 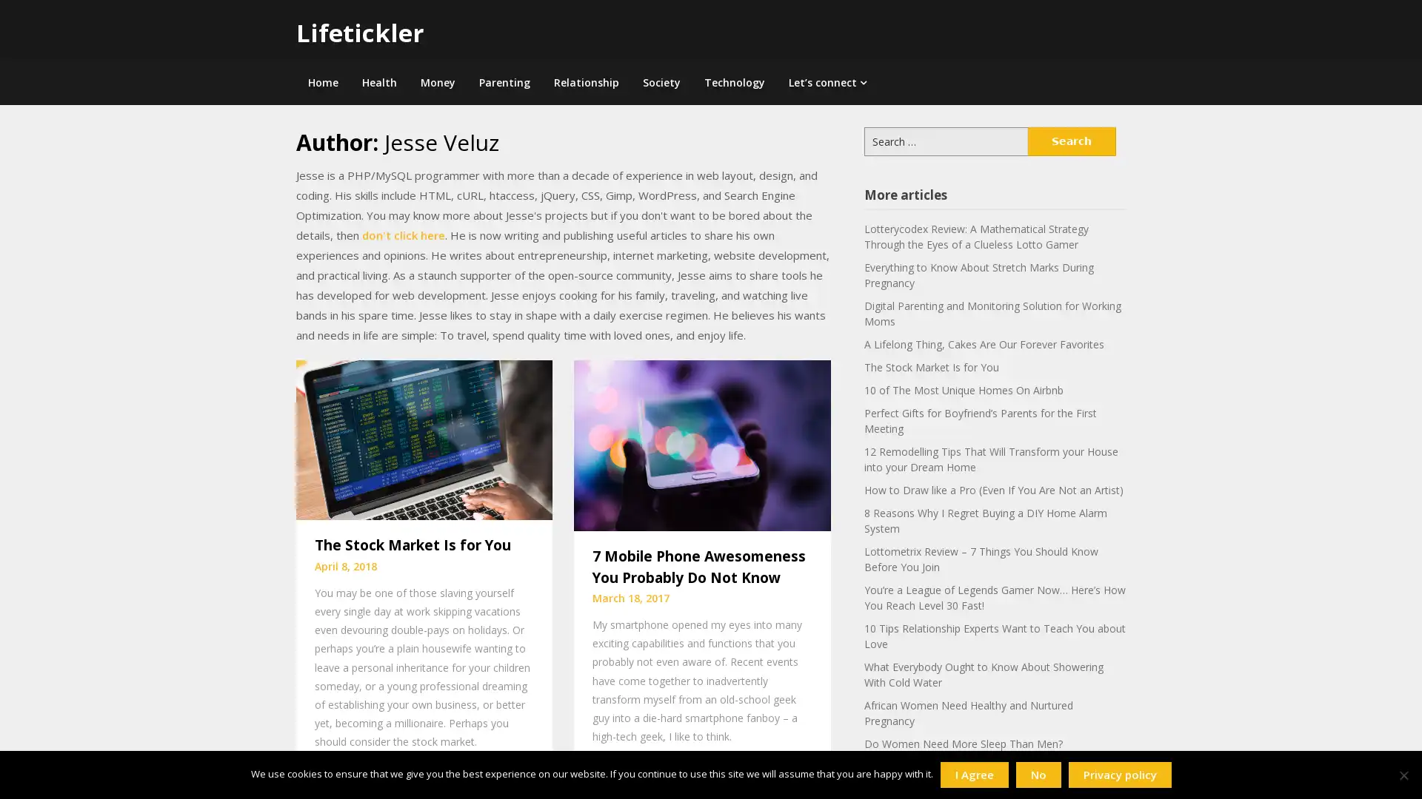 What do you see at coordinates (1071, 141) in the screenshot?
I see `Search` at bounding box center [1071, 141].